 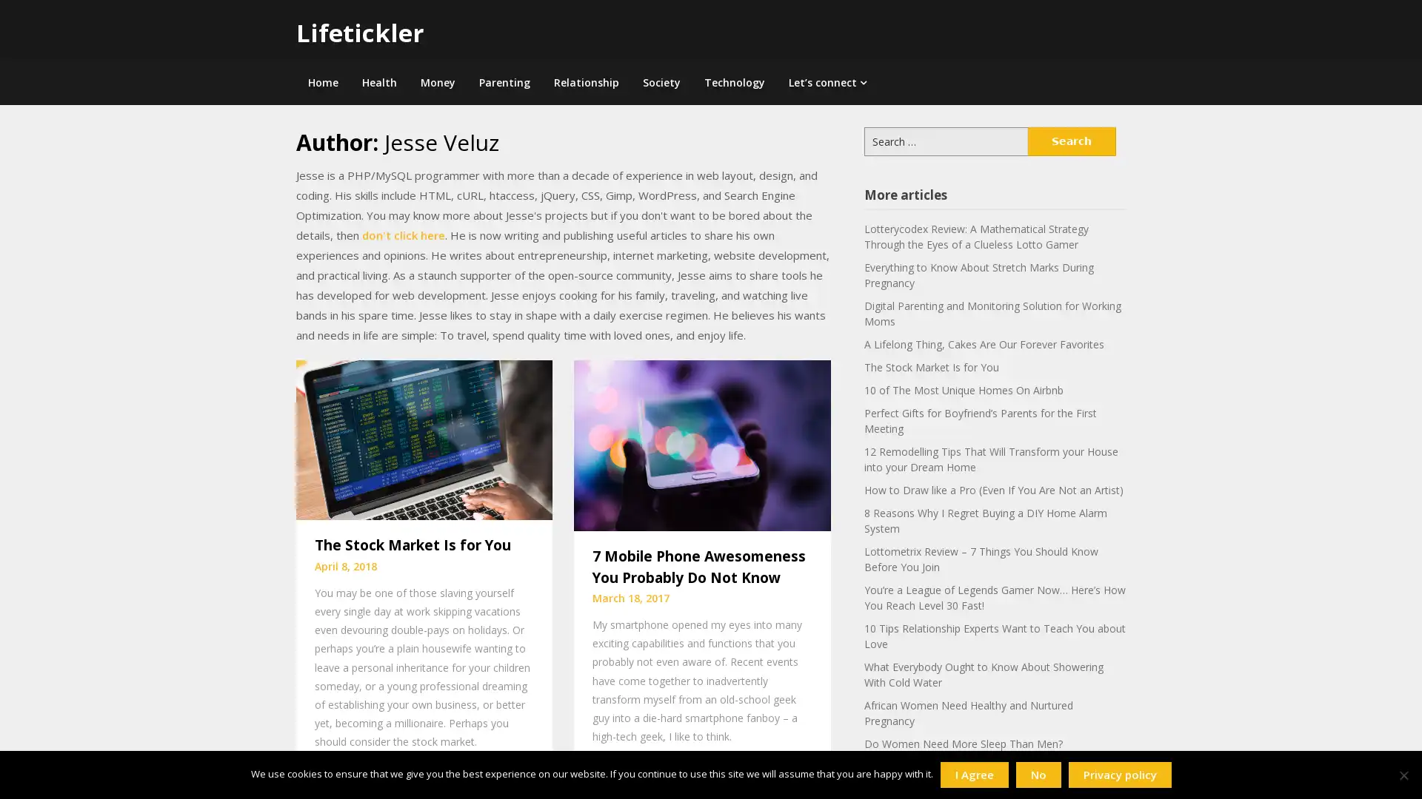 What do you see at coordinates (1071, 141) in the screenshot?
I see `Search` at bounding box center [1071, 141].